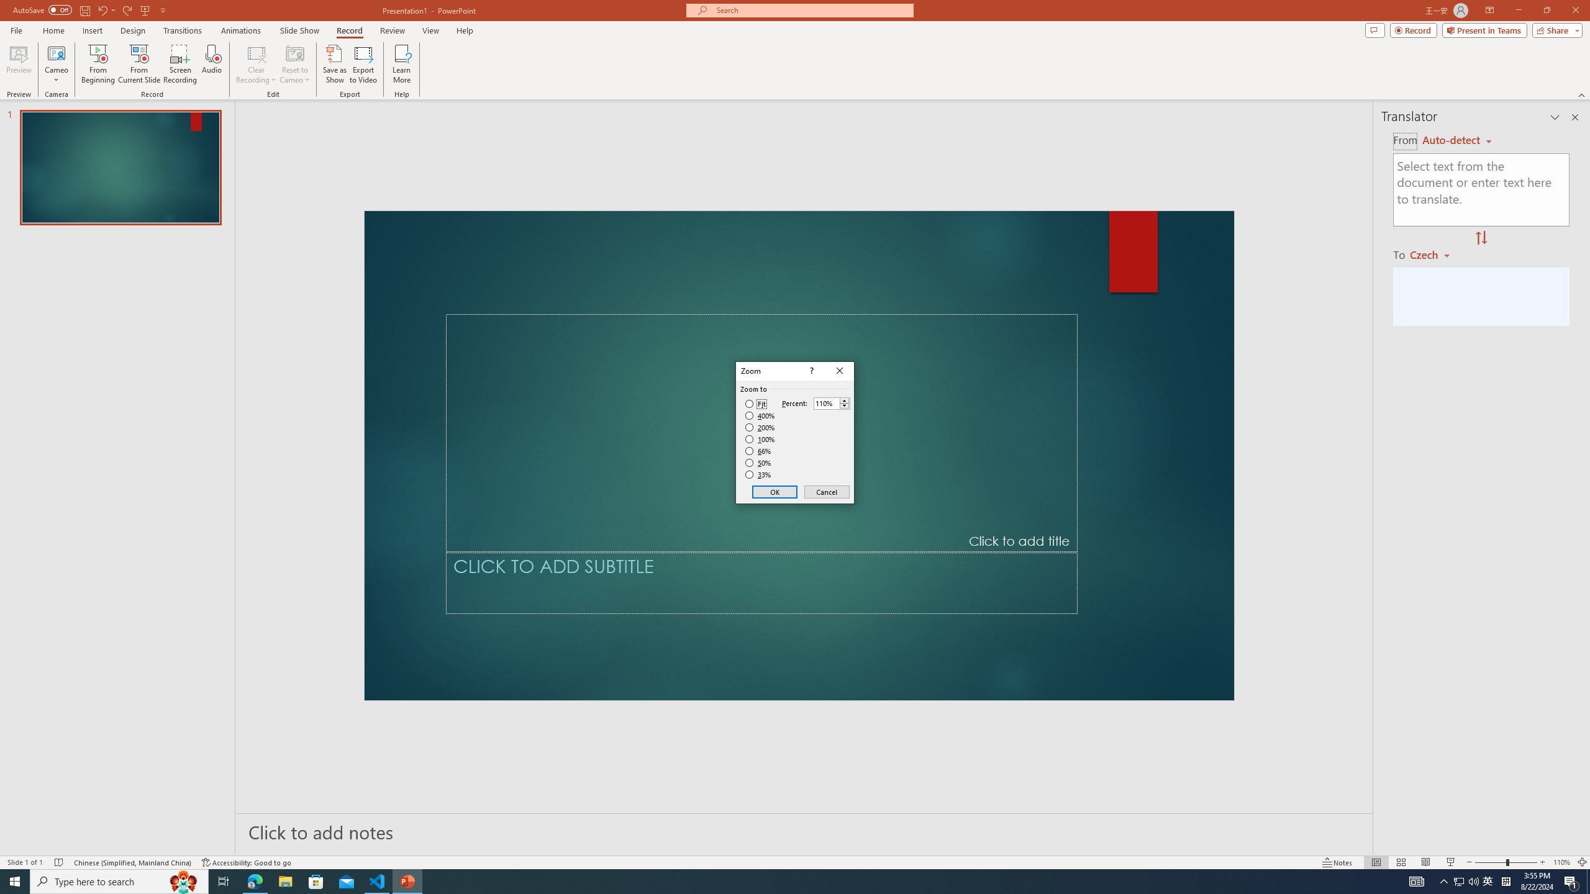  What do you see at coordinates (256, 64) in the screenshot?
I see `'Clear Recording'` at bounding box center [256, 64].